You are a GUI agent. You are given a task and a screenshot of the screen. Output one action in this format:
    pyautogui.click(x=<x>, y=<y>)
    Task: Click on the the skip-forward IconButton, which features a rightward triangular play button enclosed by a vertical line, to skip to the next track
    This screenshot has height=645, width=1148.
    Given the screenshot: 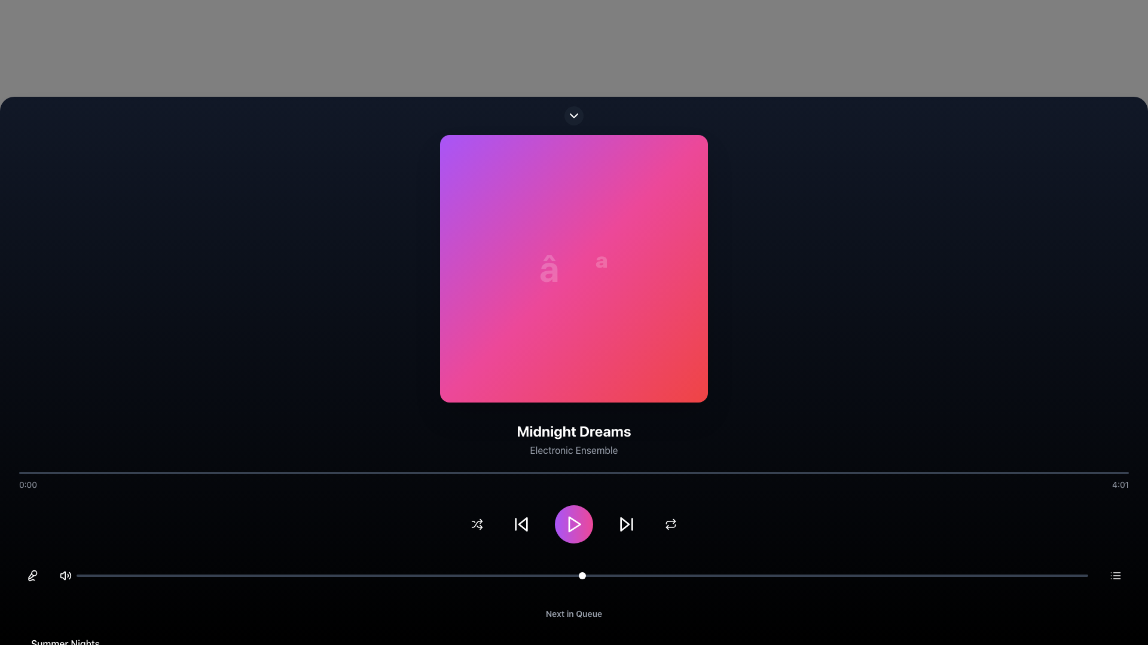 What is the action you would take?
    pyautogui.click(x=625, y=524)
    